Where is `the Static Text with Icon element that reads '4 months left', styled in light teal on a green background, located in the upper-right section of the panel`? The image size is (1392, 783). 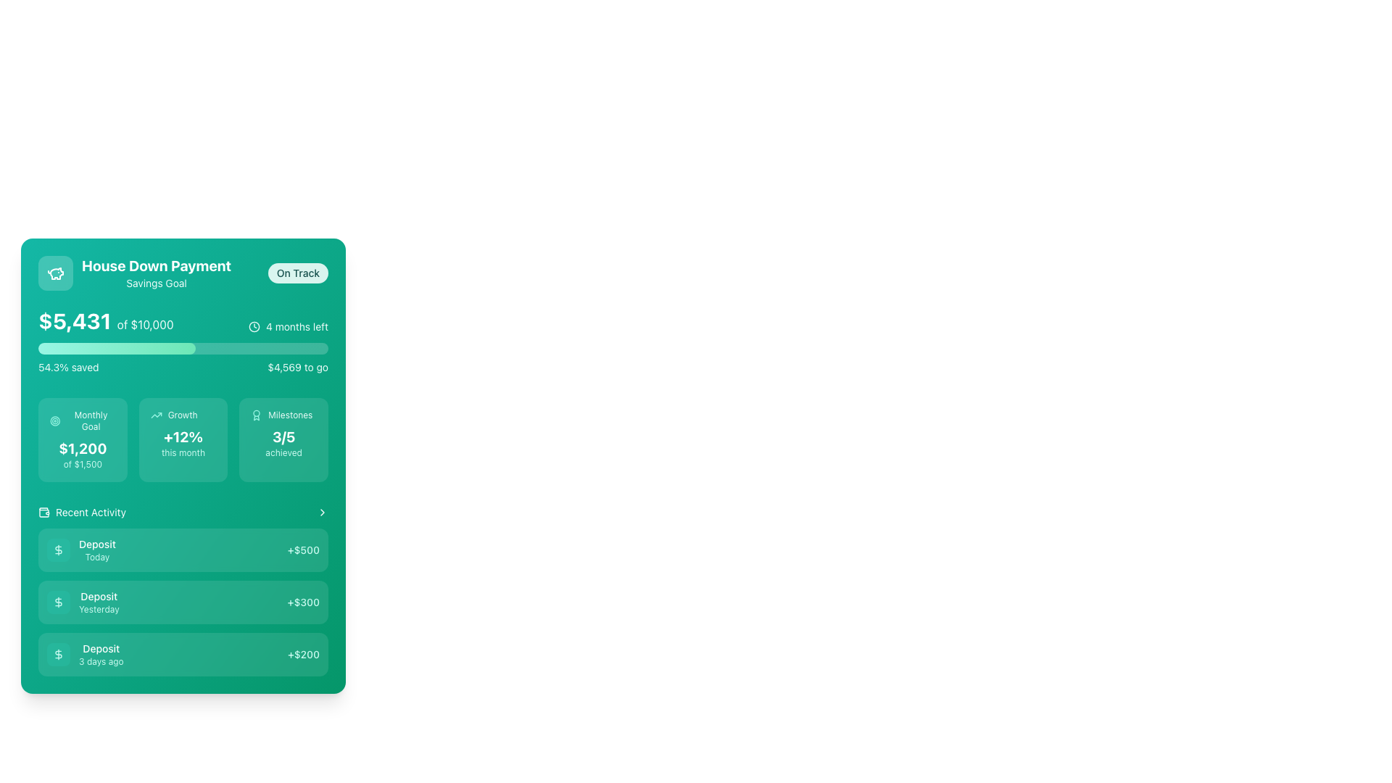 the Static Text with Icon element that reads '4 months left', styled in light teal on a green background, located in the upper-right section of the panel is located at coordinates (289, 327).